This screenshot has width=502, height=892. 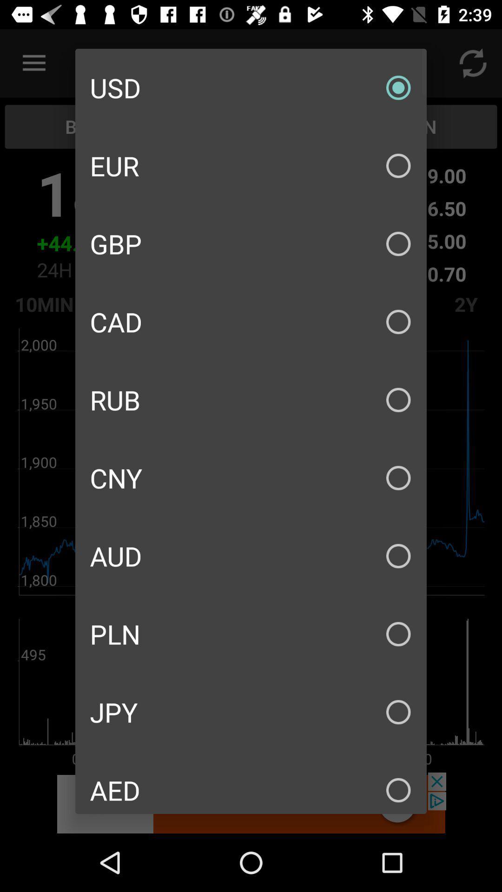 I want to click on icon above the rub item, so click(x=251, y=321).